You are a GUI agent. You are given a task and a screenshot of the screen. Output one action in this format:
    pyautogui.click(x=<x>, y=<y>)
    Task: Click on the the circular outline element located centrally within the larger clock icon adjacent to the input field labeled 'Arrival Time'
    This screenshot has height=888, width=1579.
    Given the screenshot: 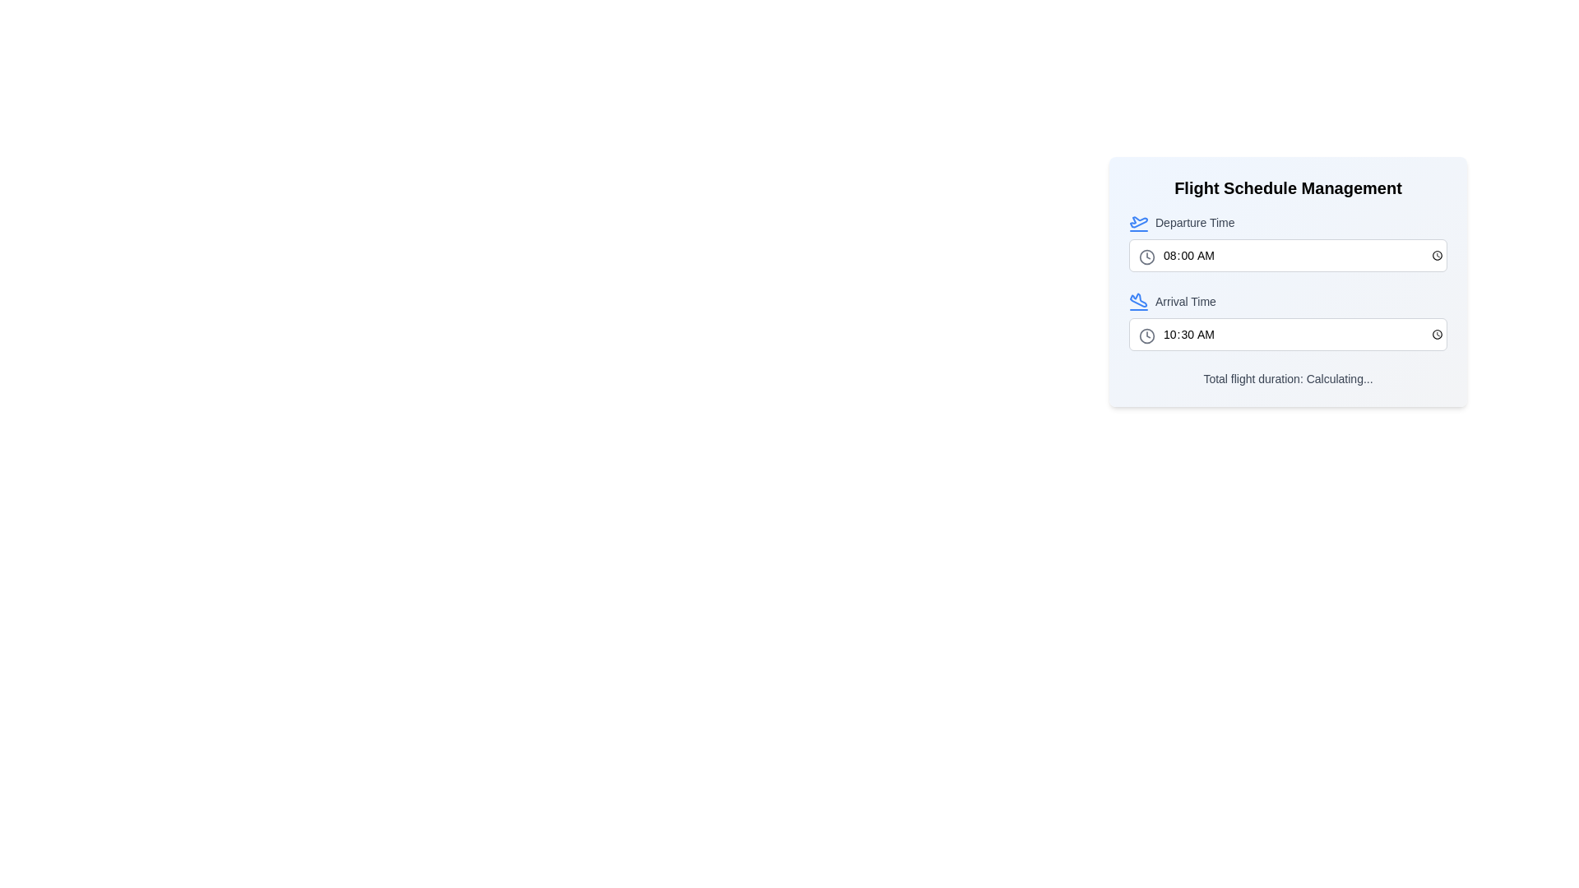 What is the action you would take?
    pyautogui.click(x=1146, y=335)
    